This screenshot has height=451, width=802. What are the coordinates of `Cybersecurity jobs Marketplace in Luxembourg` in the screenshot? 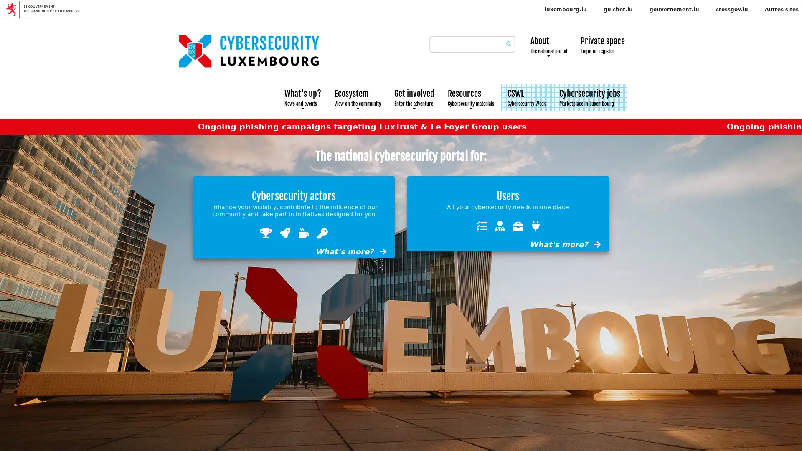 It's located at (589, 97).